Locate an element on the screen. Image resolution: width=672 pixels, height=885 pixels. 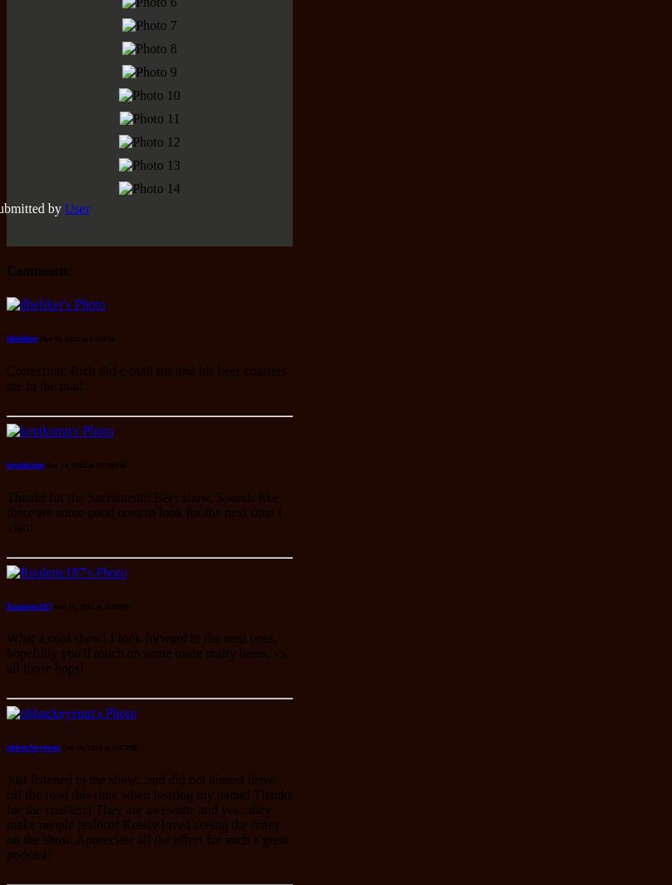
'kentksmn' is located at coordinates (25, 463).